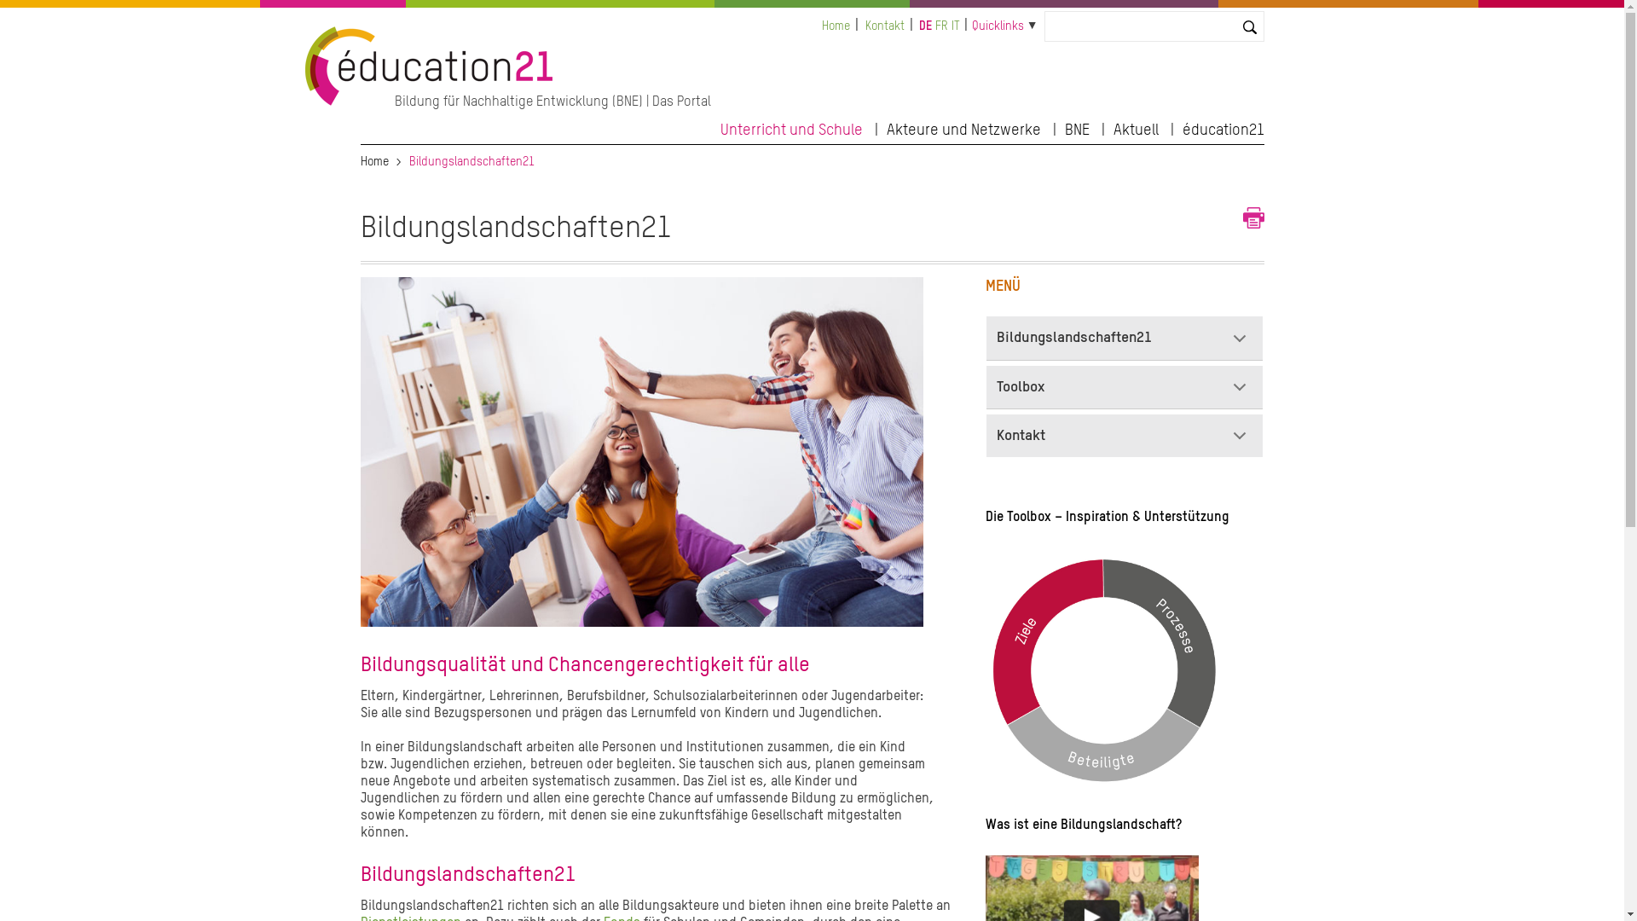 Image resolution: width=1637 pixels, height=921 pixels. I want to click on 'DE', so click(924, 26).